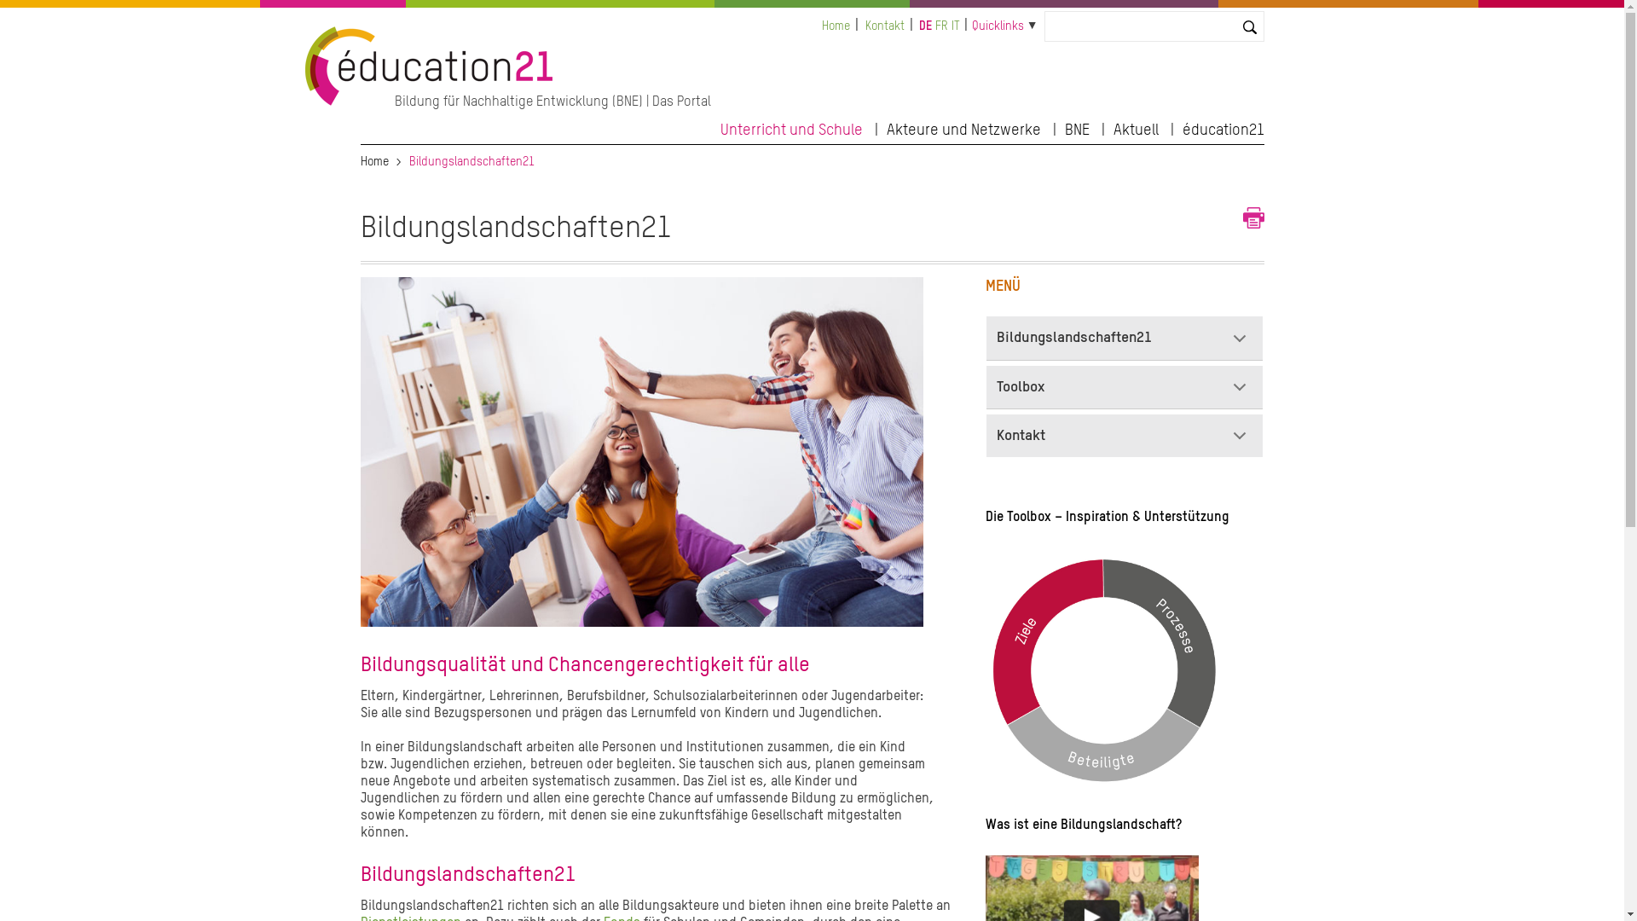 Image resolution: width=1637 pixels, height=921 pixels. I want to click on 'DE', so click(924, 26).